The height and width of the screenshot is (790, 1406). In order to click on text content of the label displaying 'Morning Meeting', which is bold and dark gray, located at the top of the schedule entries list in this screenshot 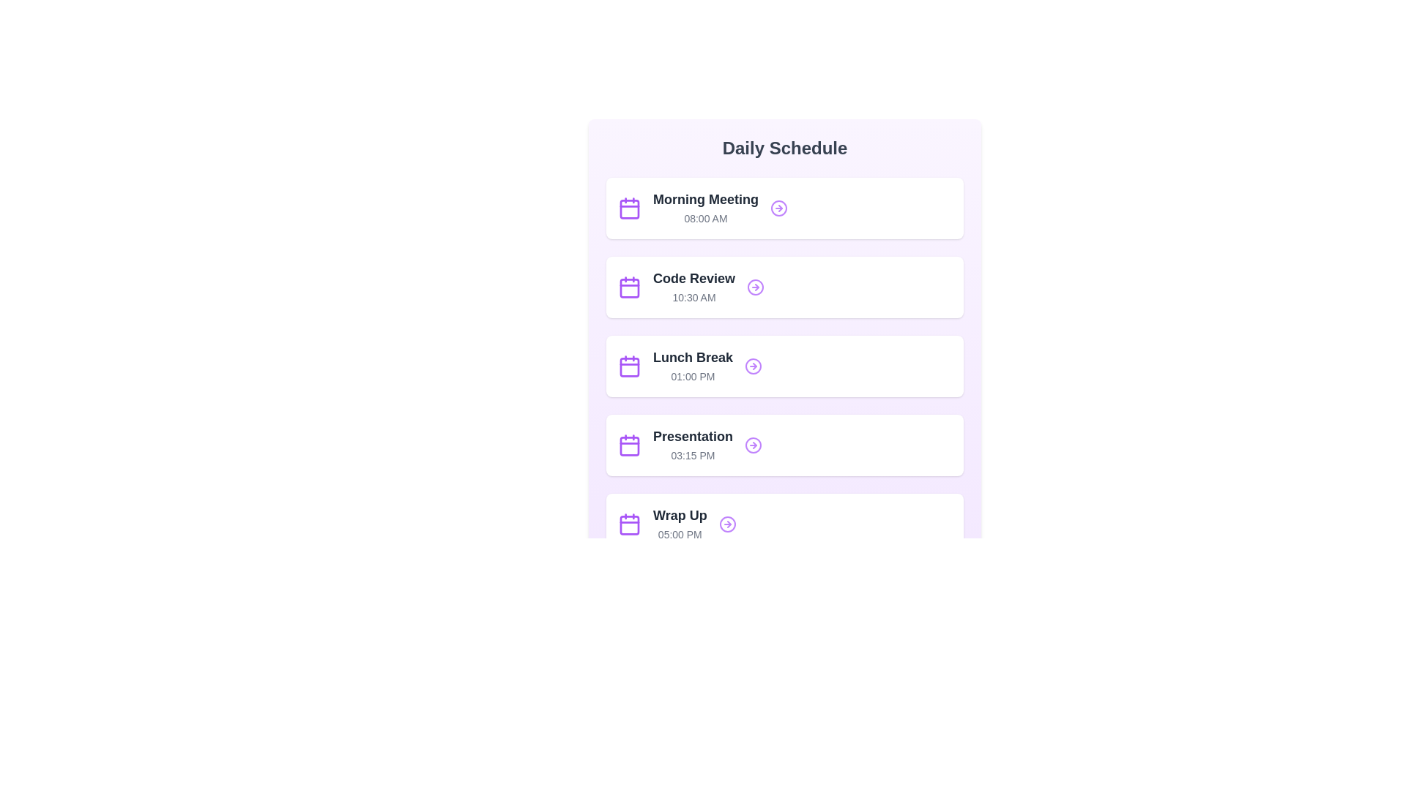, I will do `click(706, 200)`.